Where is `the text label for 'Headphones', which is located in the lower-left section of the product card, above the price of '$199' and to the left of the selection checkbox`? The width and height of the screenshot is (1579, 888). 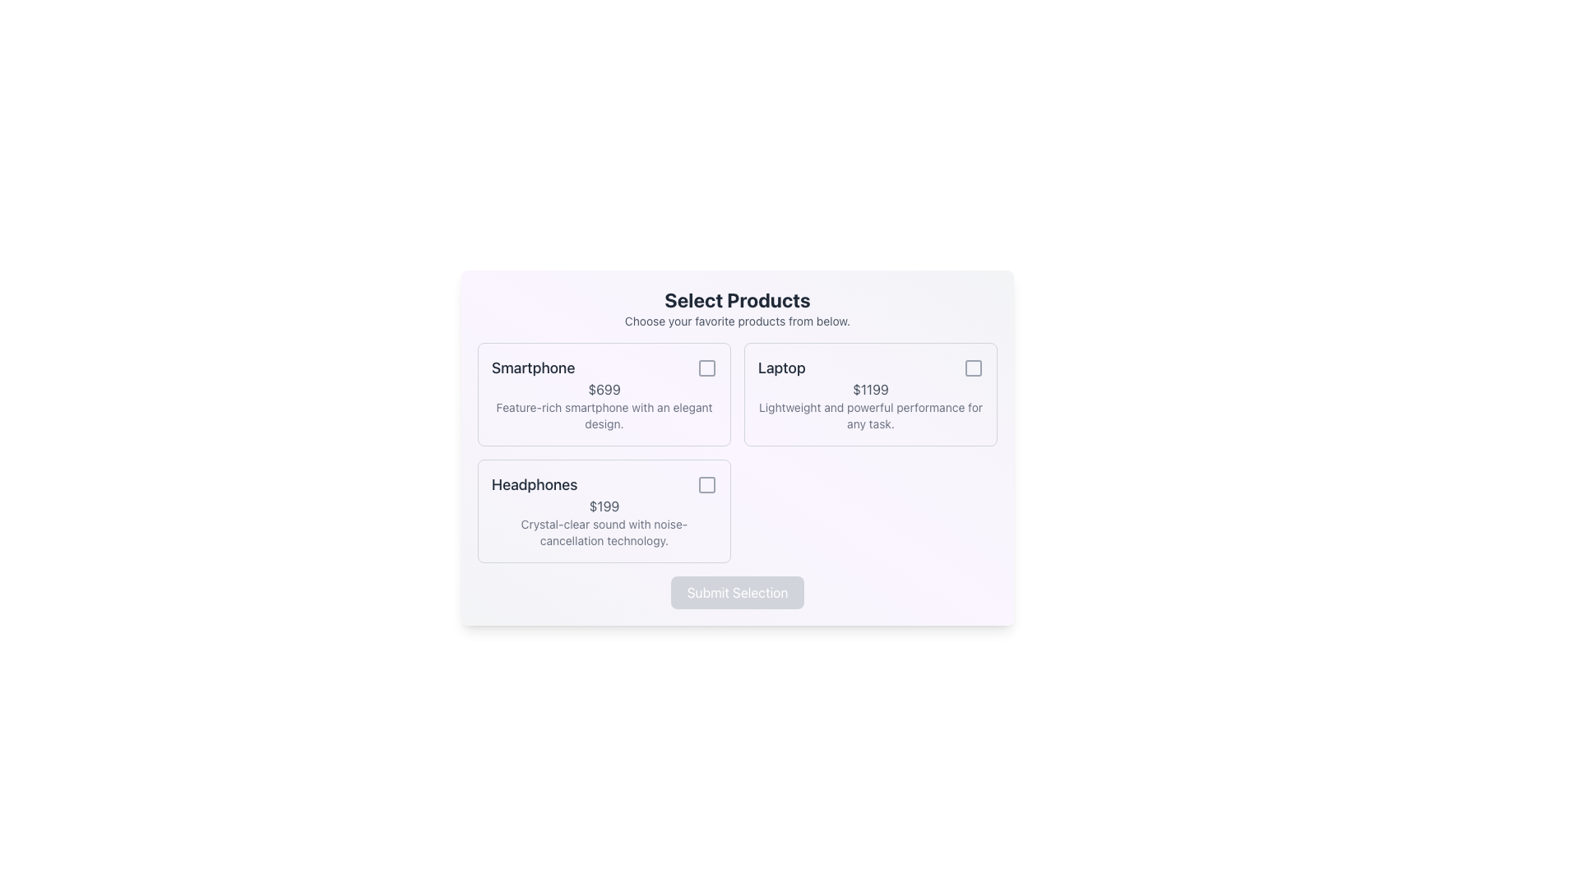
the text label for 'Headphones', which is located in the lower-left section of the product card, above the price of '$199' and to the left of the selection checkbox is located at coordinates (535, 484).